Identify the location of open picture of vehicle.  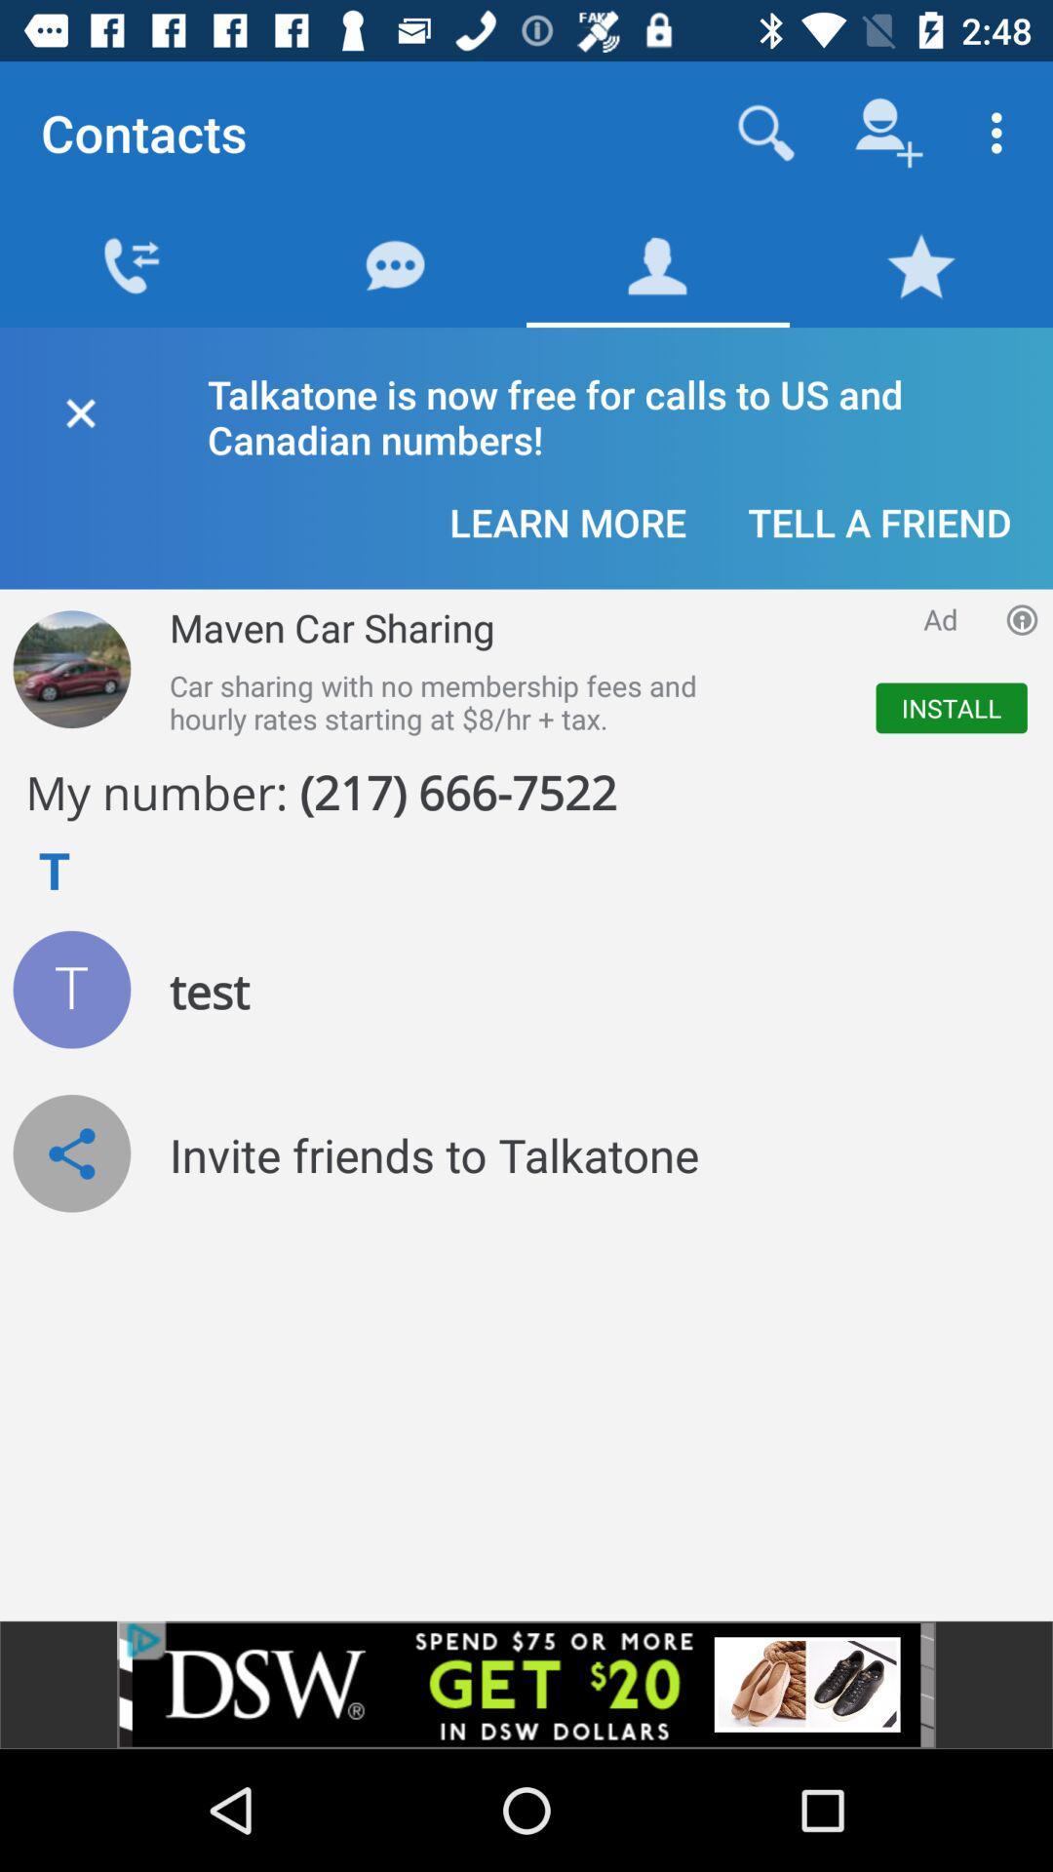
(70, 669).